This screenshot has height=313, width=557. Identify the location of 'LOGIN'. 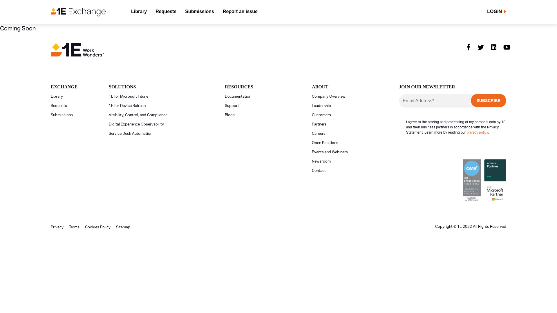
(487, 12).